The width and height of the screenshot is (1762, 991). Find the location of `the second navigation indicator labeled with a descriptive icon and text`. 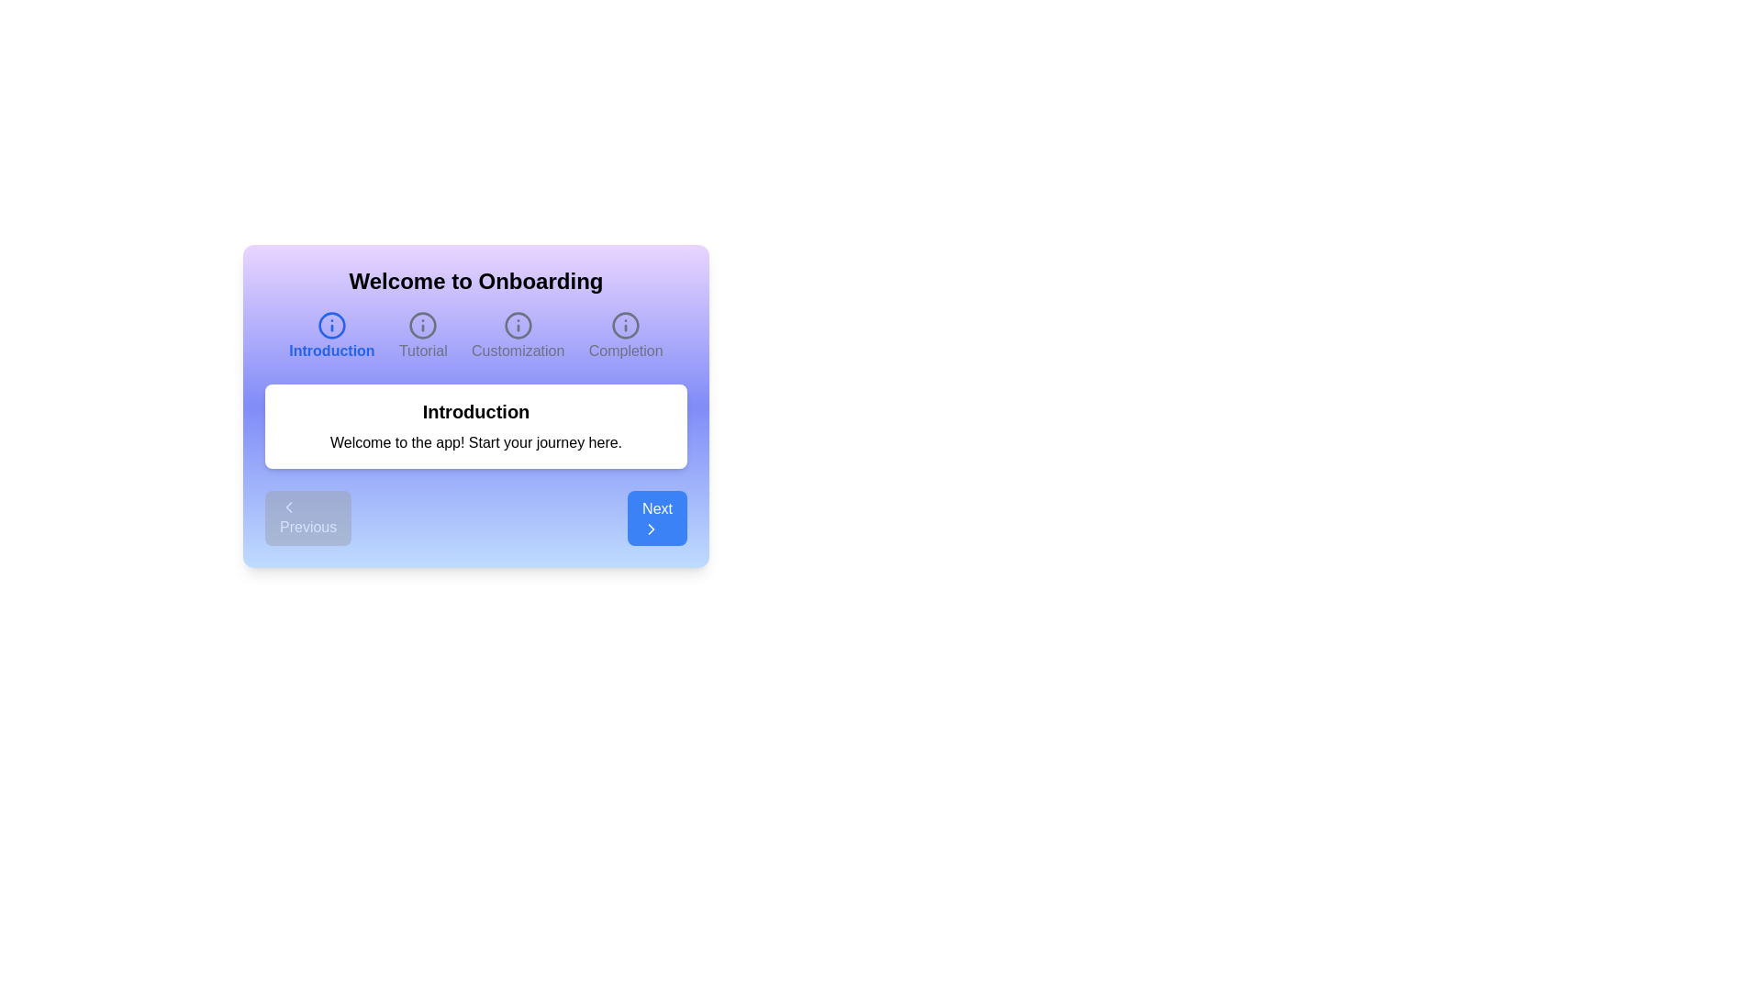

the second navigation indicator labeled with a descriptive icon and text is located at coordinates (422, 336).